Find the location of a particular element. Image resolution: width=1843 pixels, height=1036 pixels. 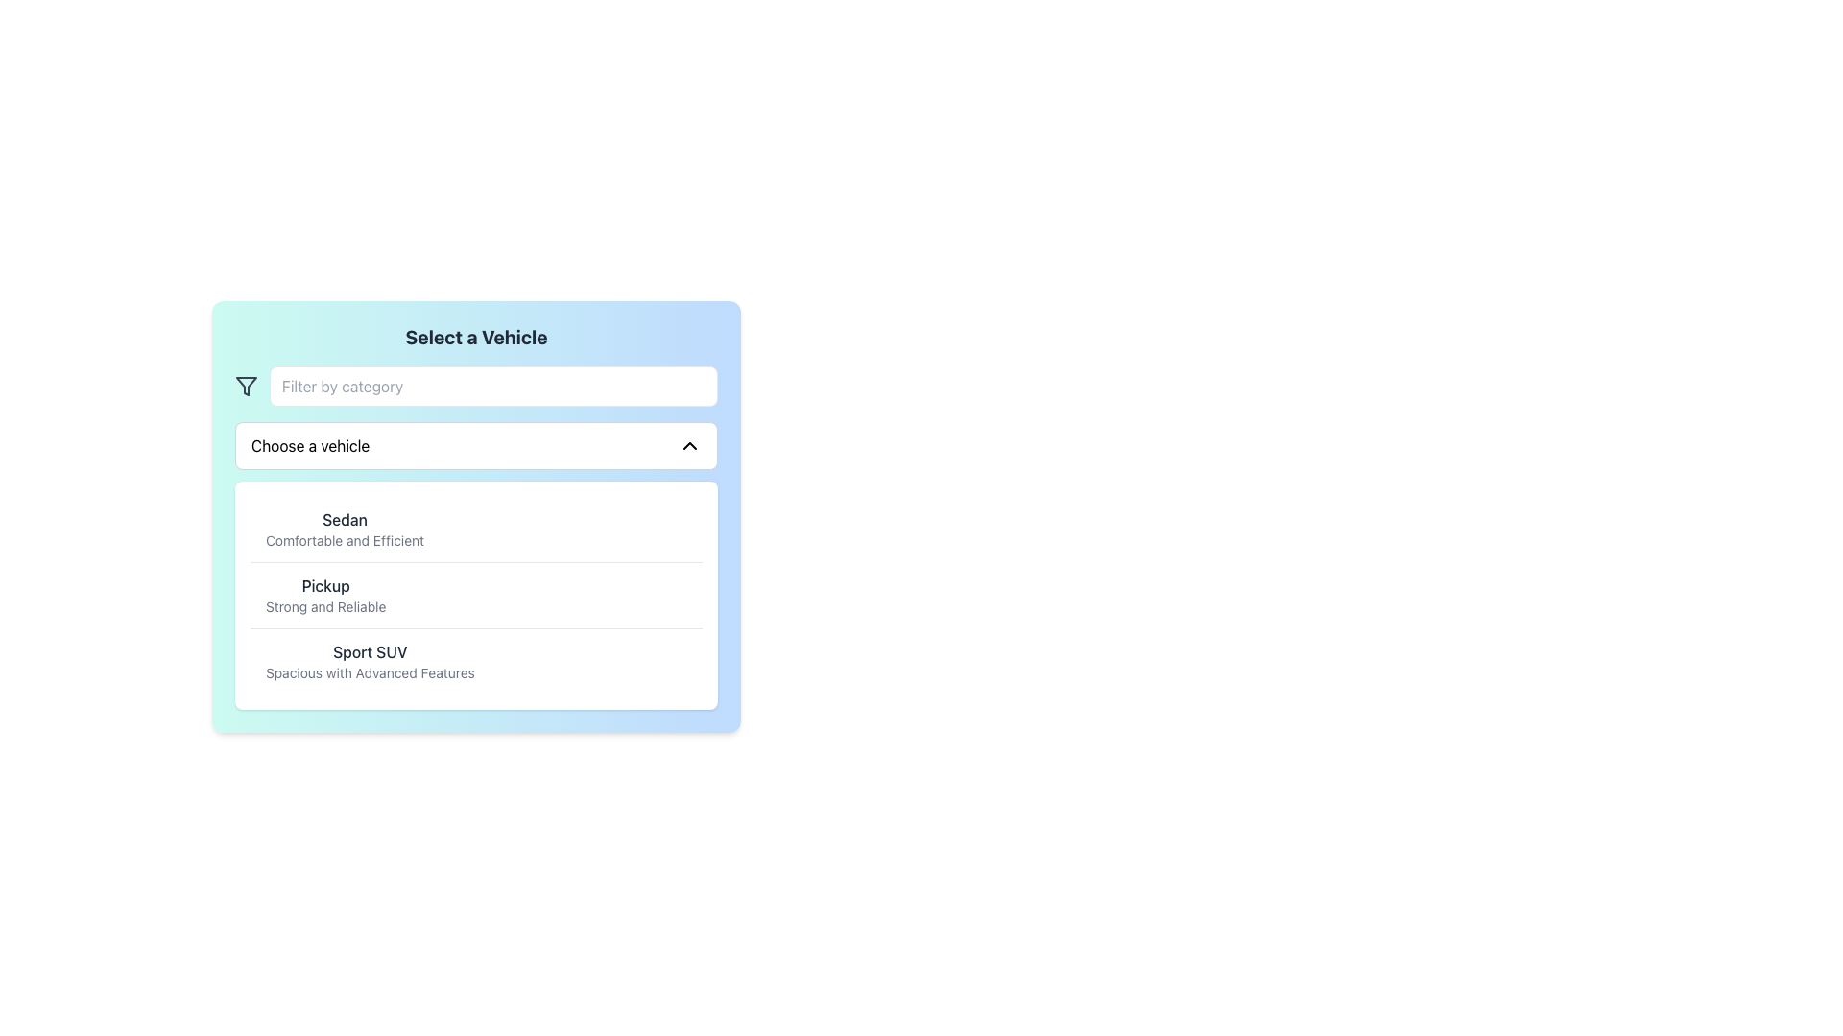

the third list item labeled 'Sport SUV' with the description 'Spacious with Advanced Features' is located at coordinates (476, 661).